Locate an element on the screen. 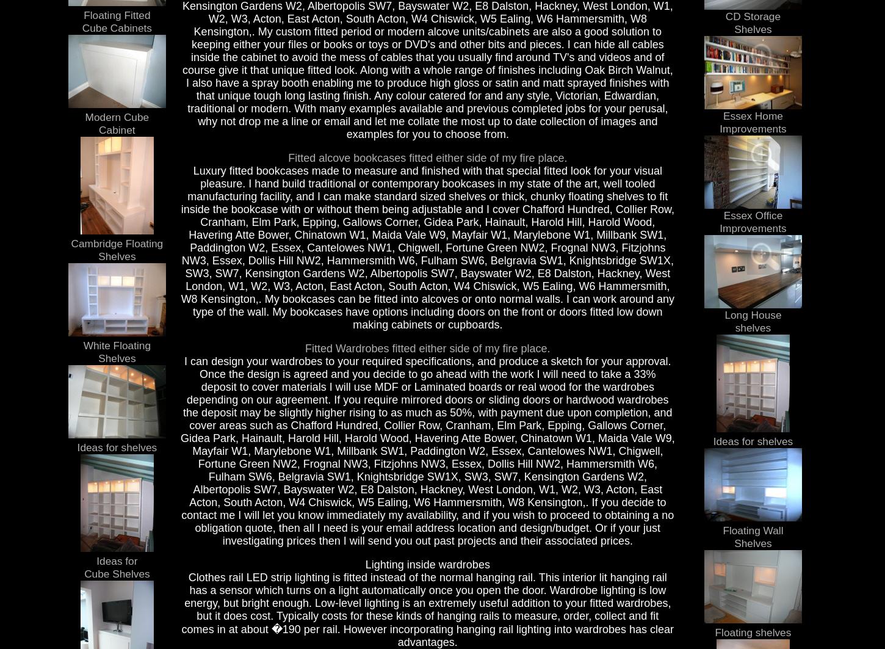 This screenshot has height=649, width=885. 'Floating shelves' is located at coordinates (714, 631).